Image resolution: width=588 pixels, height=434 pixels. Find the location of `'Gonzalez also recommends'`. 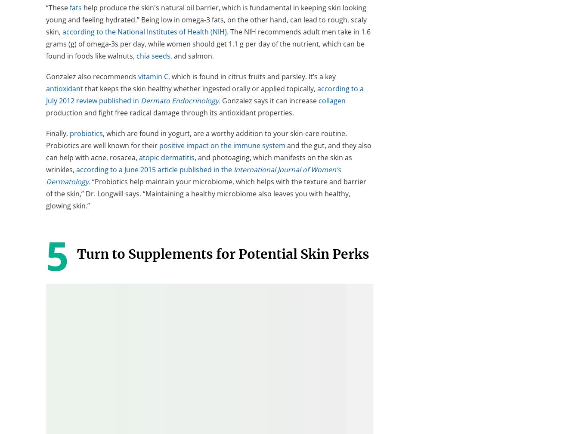

'Gonzalez also recommends' is located at coordinates (46, 76).